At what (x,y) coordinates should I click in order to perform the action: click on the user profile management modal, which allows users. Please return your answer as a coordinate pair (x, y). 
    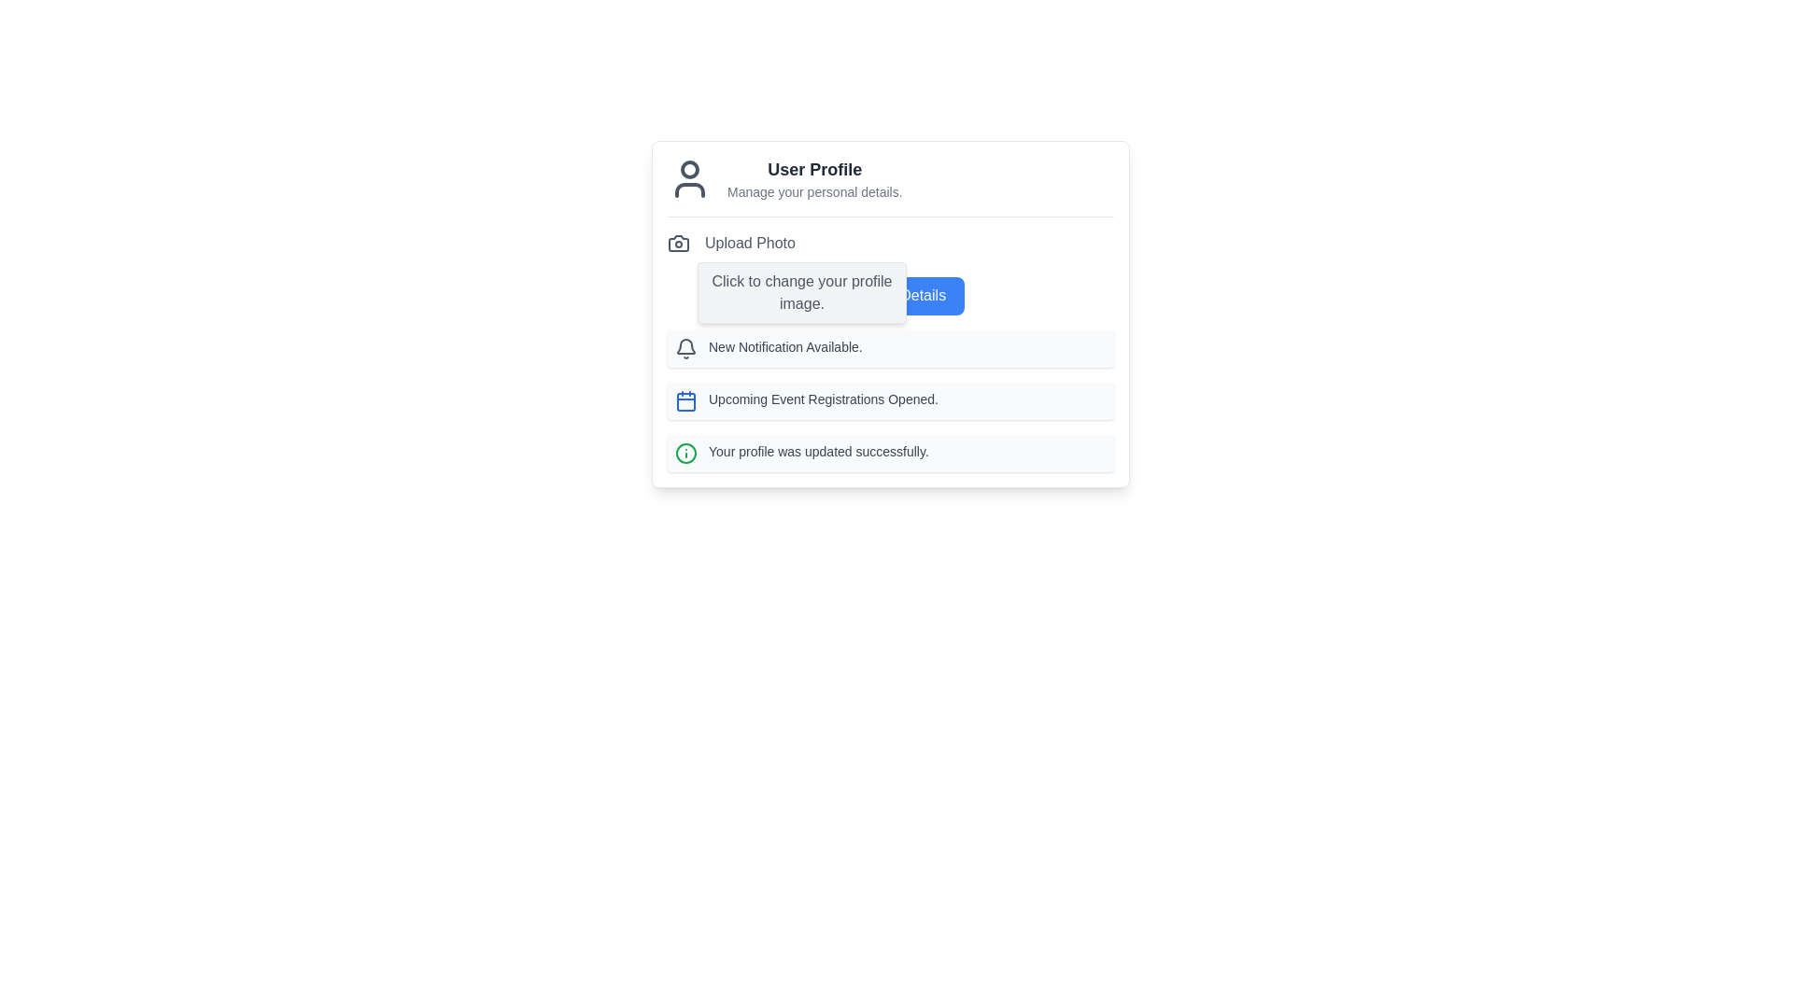
    Looking at the image, I should click on (890, 312).